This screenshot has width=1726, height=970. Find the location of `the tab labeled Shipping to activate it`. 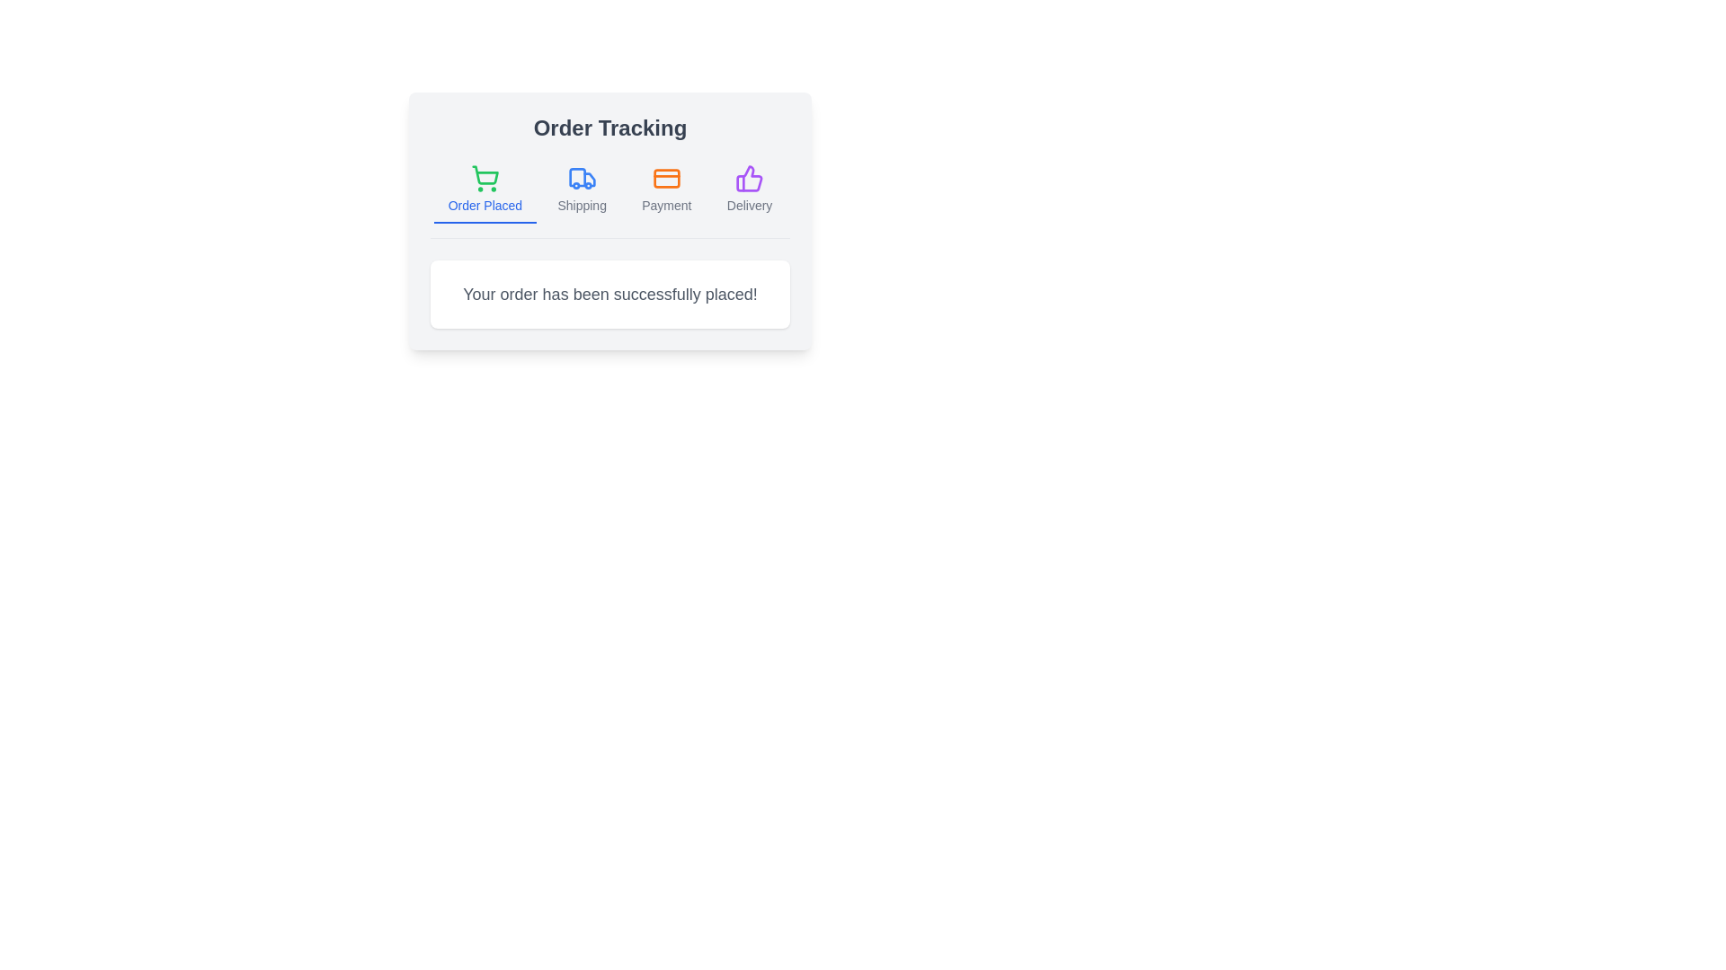

the tab labeled Shipping to activate it is located at coordinates (582, 190).